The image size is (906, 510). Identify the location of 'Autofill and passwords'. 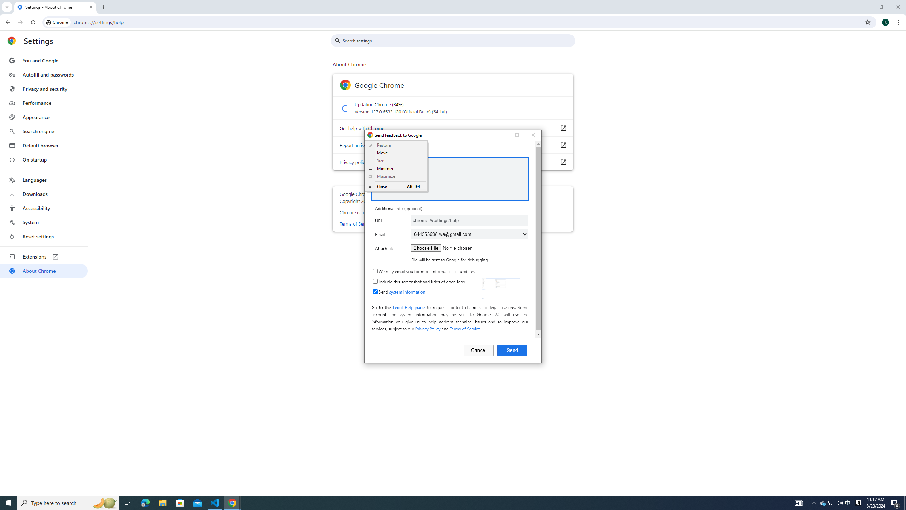
(44, 74).